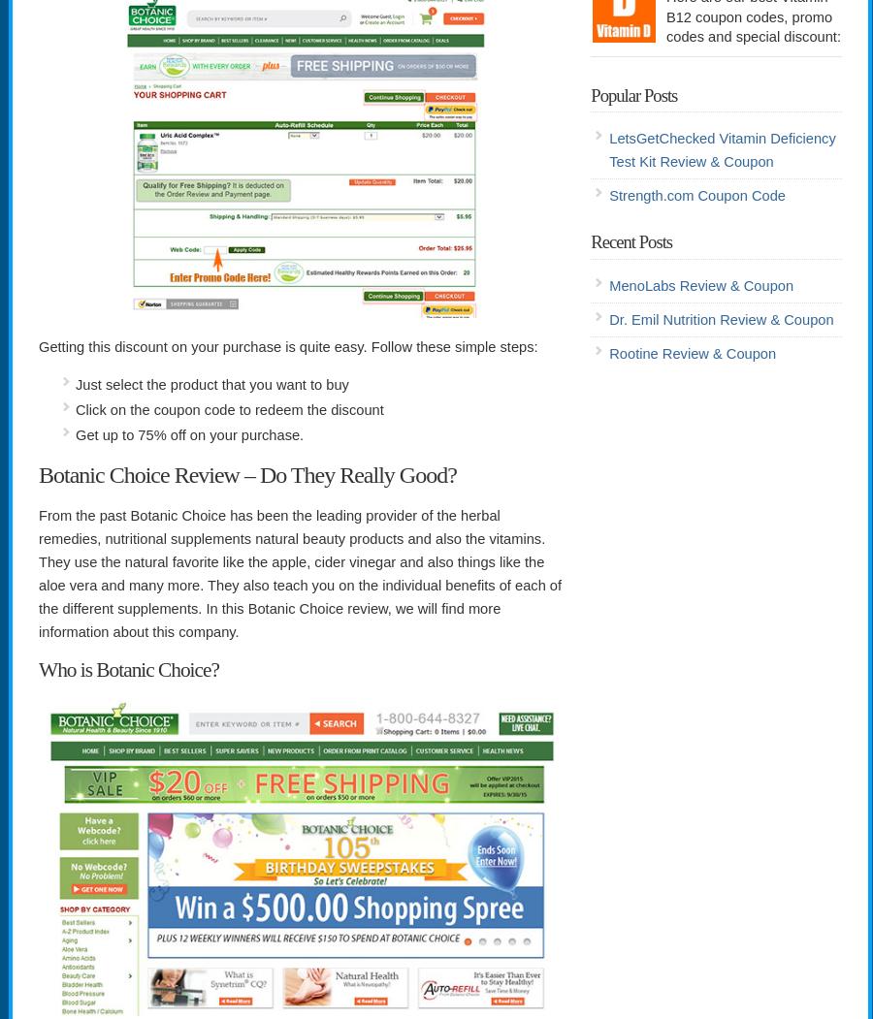 This screenshot has width=873, height=1019. What do you see at coordinates (721, 149) in the screenshot?
I see `'LetsGetChecked Vitamin Deficiency Test Kit Review & Coupon'` at bounding box center [721, 149].